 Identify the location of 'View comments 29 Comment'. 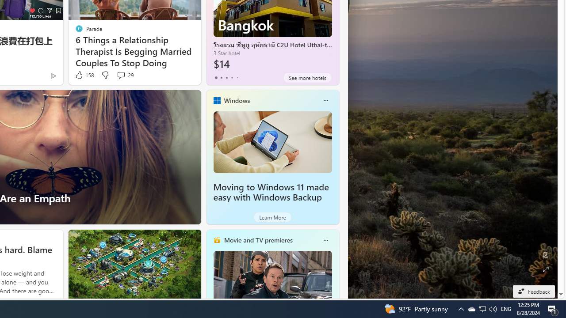
(124, 75).